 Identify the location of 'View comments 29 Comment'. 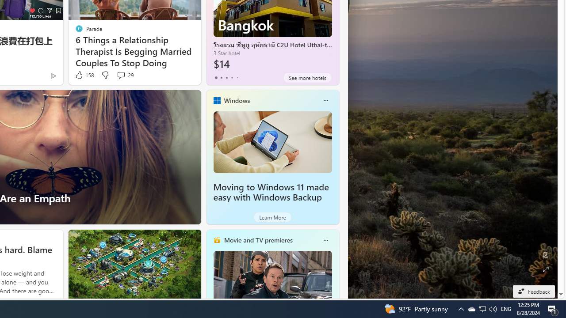
(124, 75).